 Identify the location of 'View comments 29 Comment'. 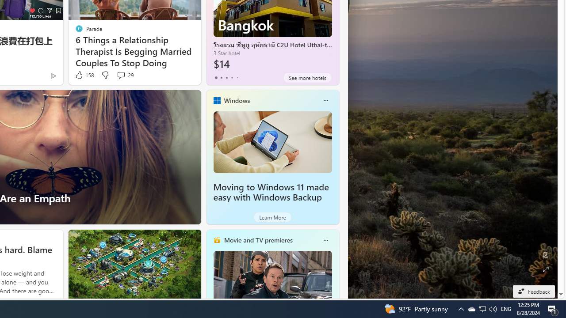
(124, 75).